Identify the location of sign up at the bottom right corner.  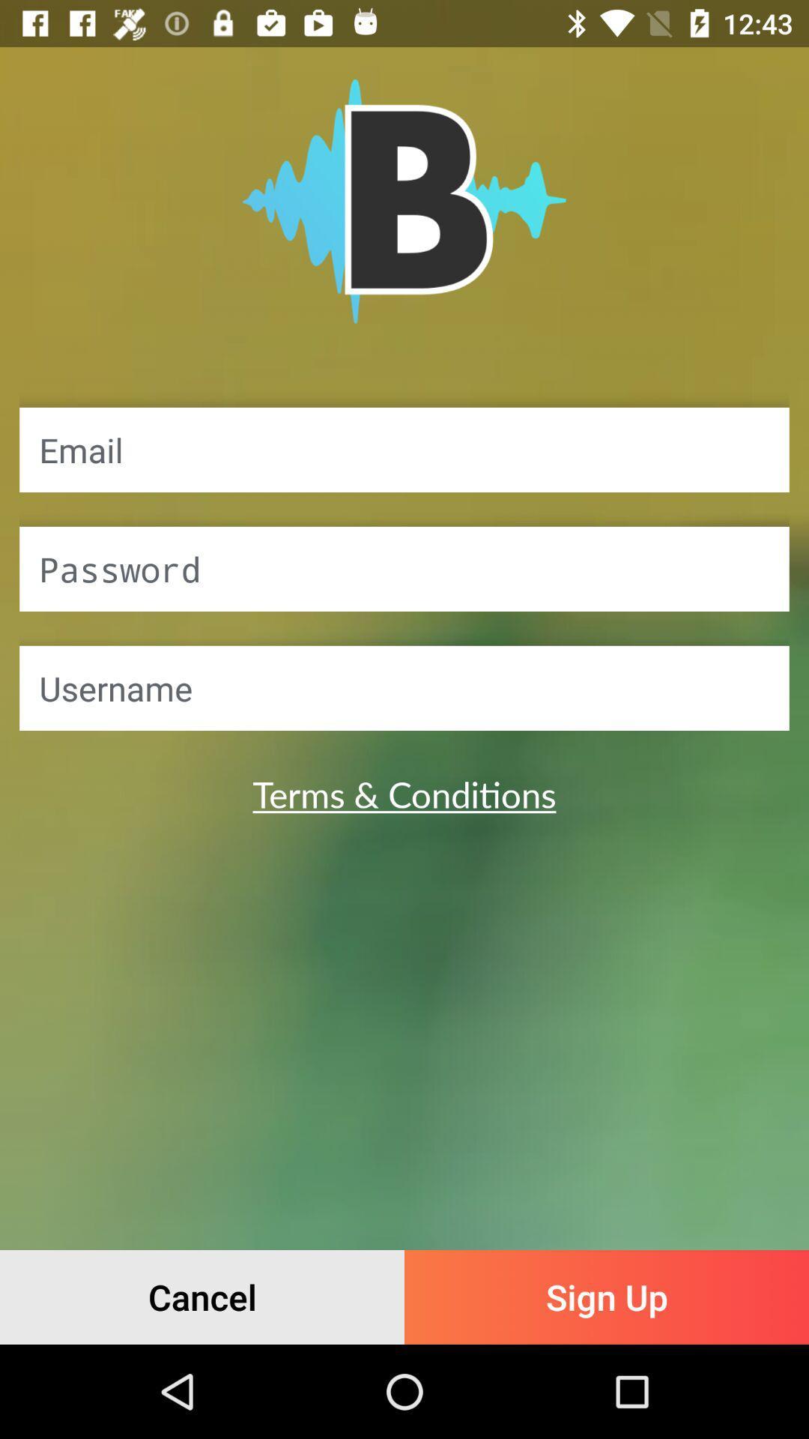
(607, 1297).